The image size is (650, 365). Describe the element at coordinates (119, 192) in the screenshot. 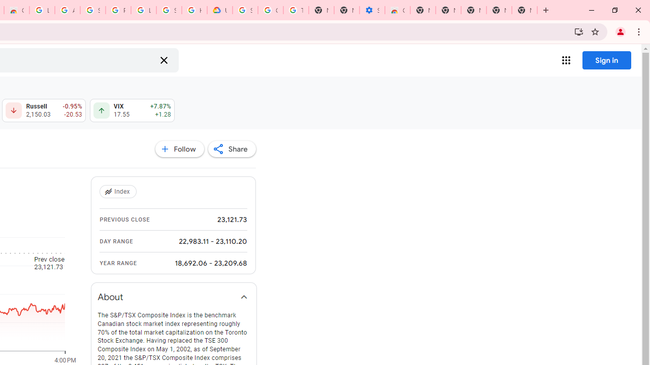

I see `'Index'` at that location.